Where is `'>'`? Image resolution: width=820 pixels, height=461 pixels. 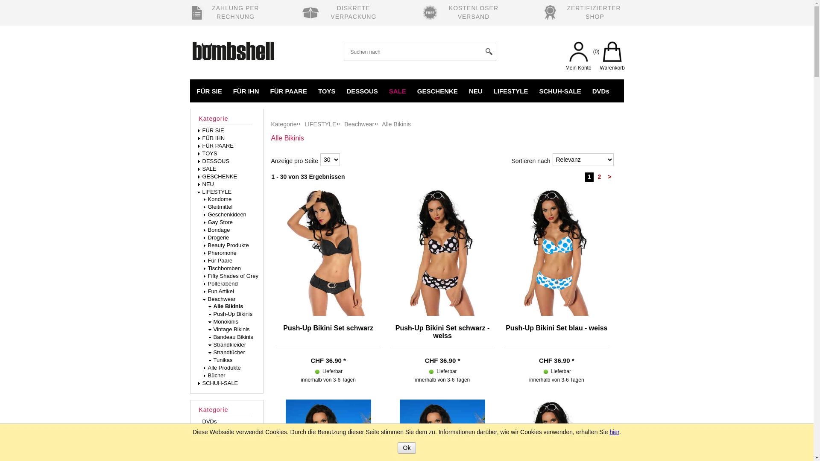 '>' is located at coordinates (609, 176).